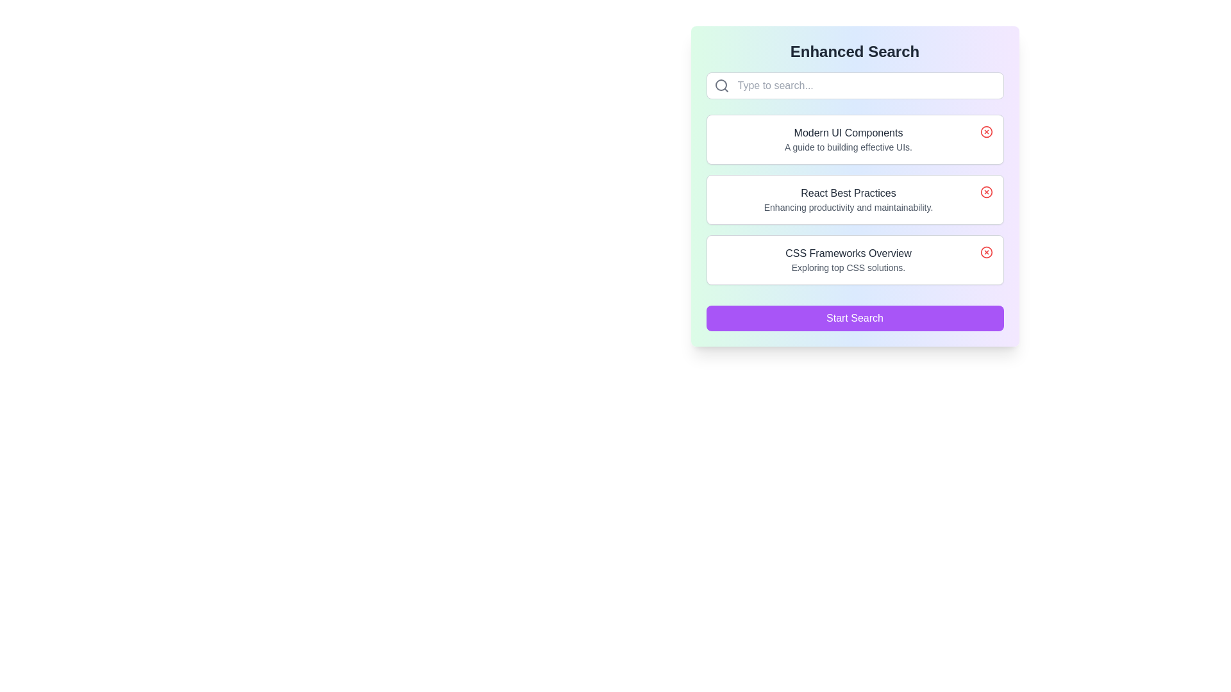  What do you see at coordinates (855, 318) in the screenshot?
I see `the 'Start Search' button, which is a rectangular button with rounded corners, vibrant purple background, and white text located below the 'CSS Frameworks Overview' section` at bounding box center [855, 318].